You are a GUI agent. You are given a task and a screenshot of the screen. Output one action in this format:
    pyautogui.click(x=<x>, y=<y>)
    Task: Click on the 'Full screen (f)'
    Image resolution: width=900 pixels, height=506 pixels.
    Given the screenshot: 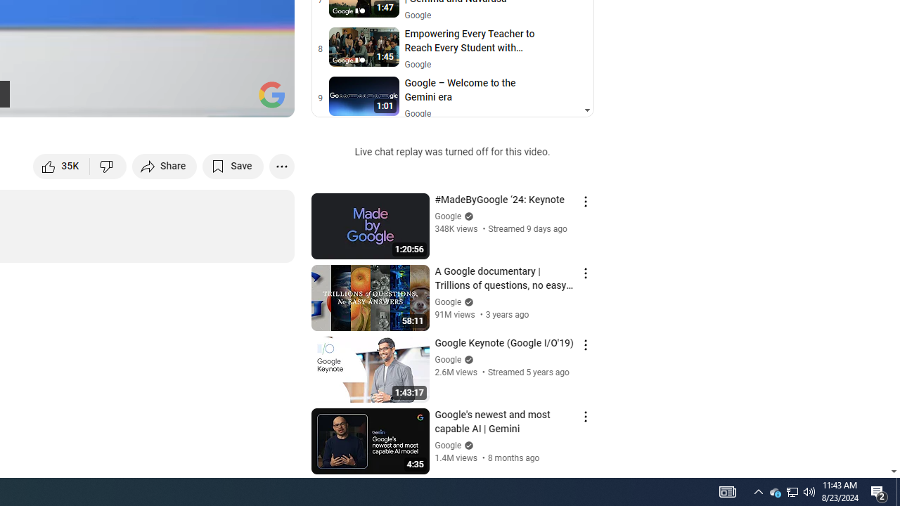 What is the action you would take?
    pyautogui.click(x=269, y=99)
    